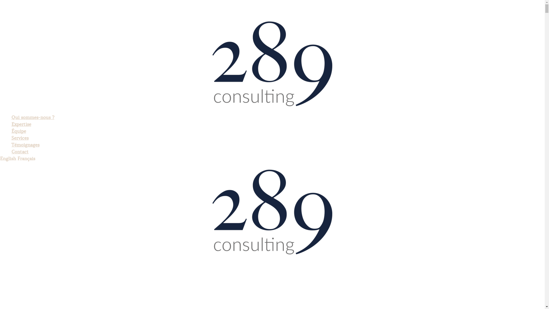  Describe the element at coordinates (21, 124) in the screenshot. I see `'Expertise'` at that location.